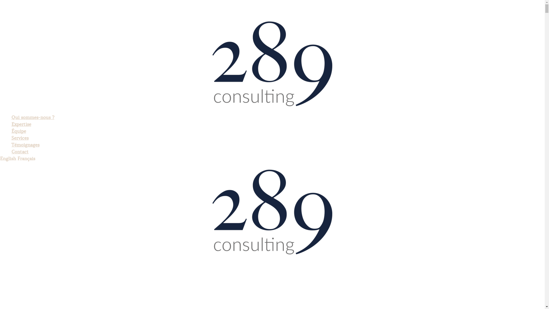  Describe the element at coordinates (21, 124) in the screenshot. I see `'Expertise'` at that location.